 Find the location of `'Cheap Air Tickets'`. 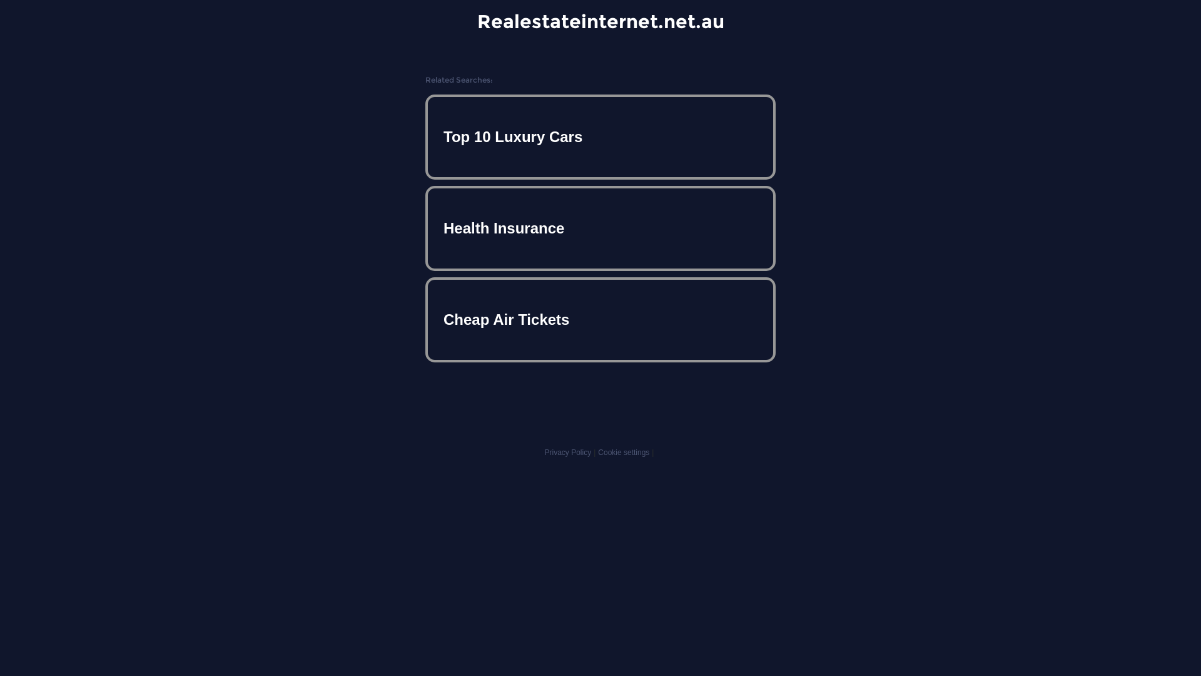

'Cheap Air Tickets' is located at coordinates (600, 319).